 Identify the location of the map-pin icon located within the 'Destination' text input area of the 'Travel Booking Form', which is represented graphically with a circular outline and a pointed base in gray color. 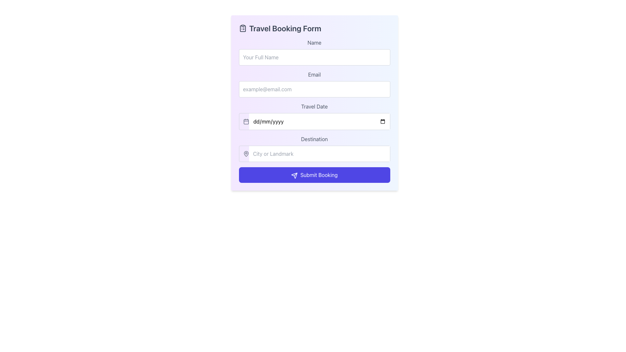
(246, 154).